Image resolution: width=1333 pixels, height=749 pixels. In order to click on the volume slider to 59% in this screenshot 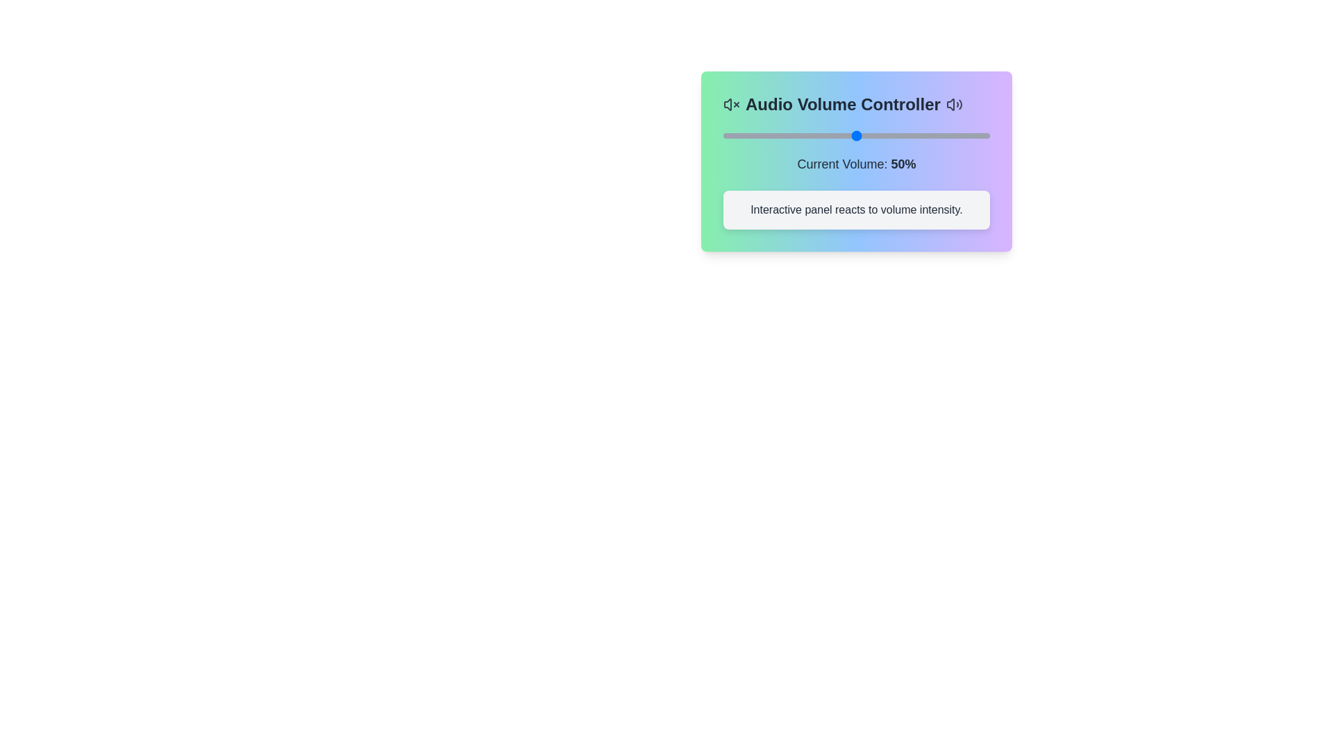, I will do `click(880, 136)`.